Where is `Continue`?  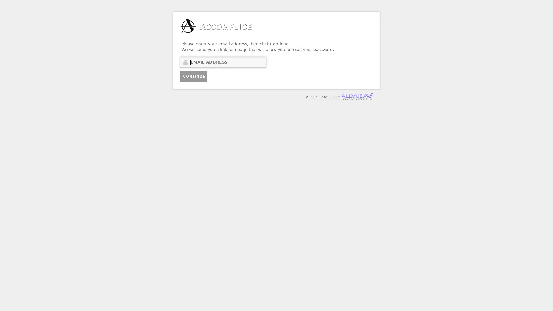 Continue is located at coordinates (194, 76).